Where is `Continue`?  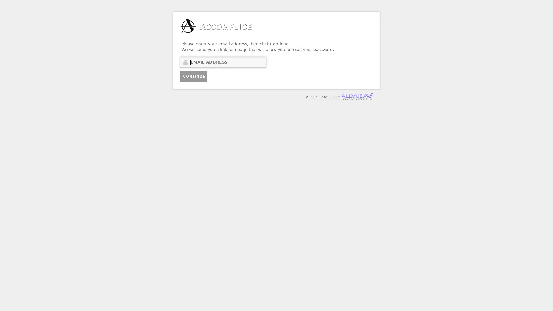 Continue is located at coordinates (194, 76).